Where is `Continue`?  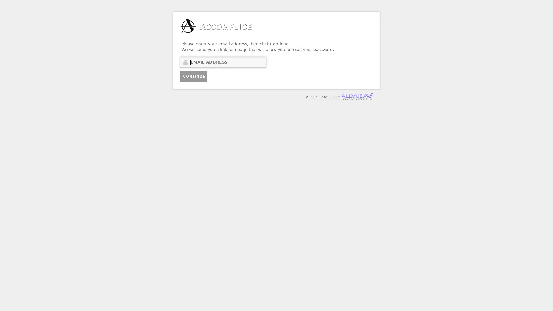 Continue is located at coordinates (194, 76).